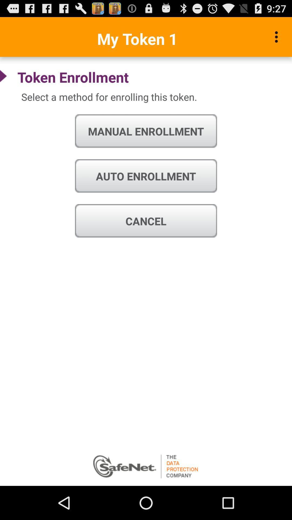 The image size is (292, 520). Describe the element at coordinates (146, 176) in the screenshot. I see `auto enrollment` at that location.